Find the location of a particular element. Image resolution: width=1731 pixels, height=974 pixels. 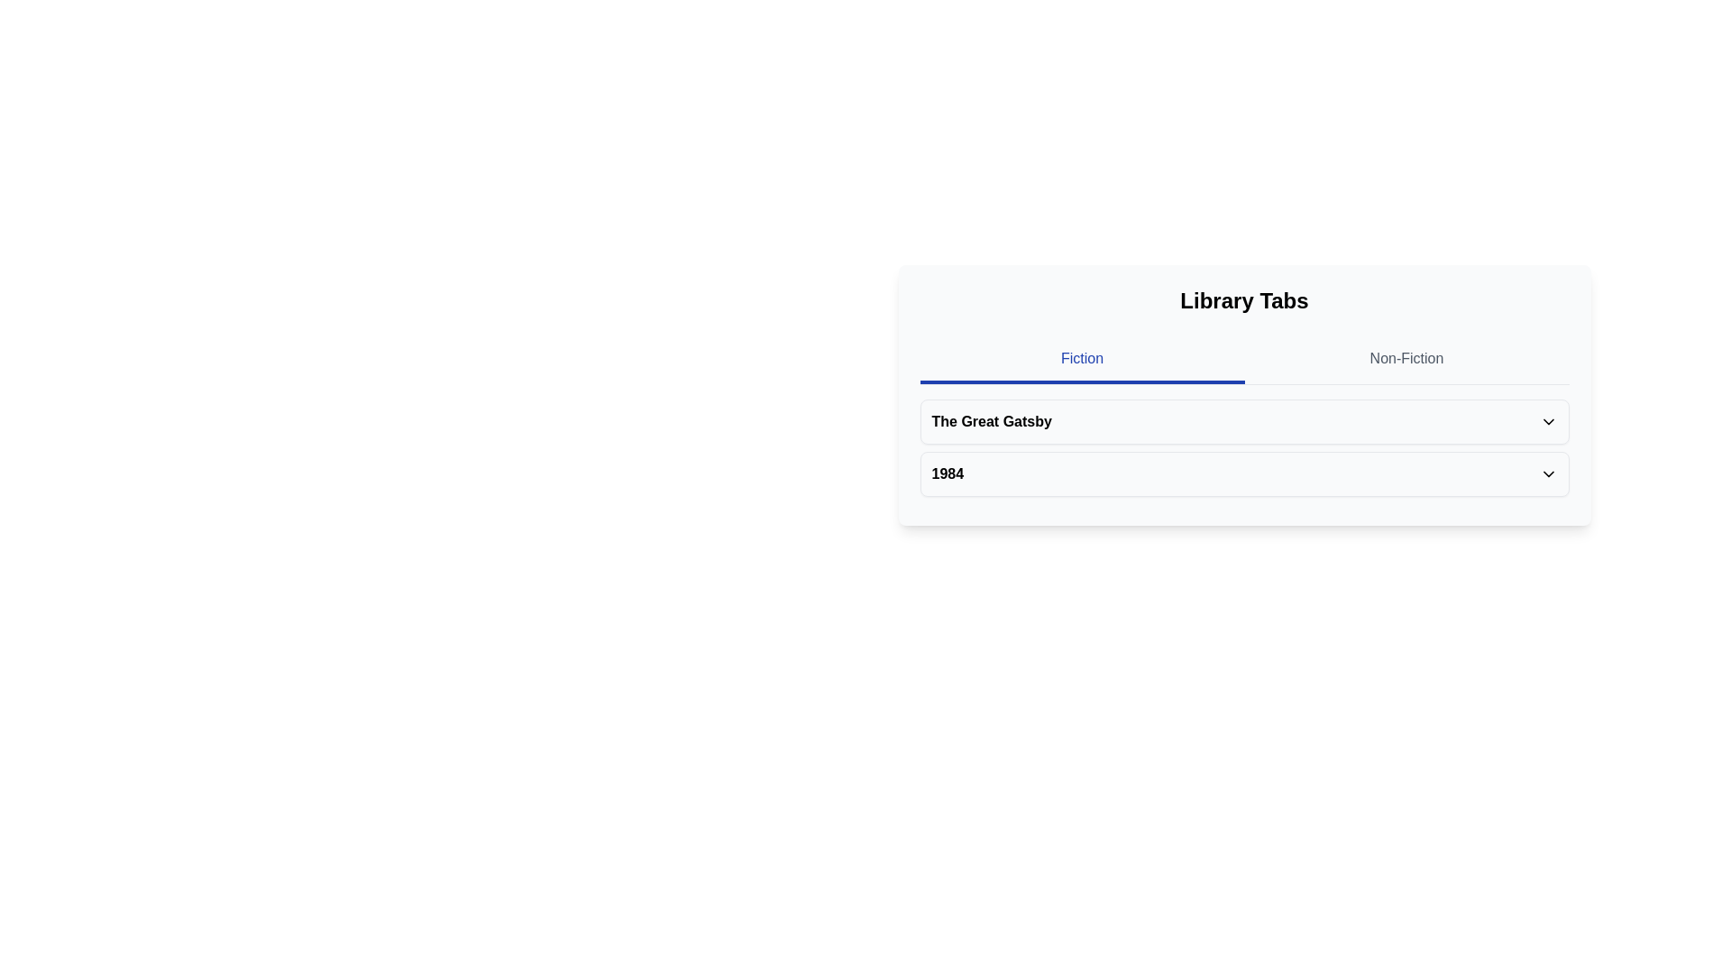

the dropdown selection option labeled '1984' is located at coordinates (1243, 473).